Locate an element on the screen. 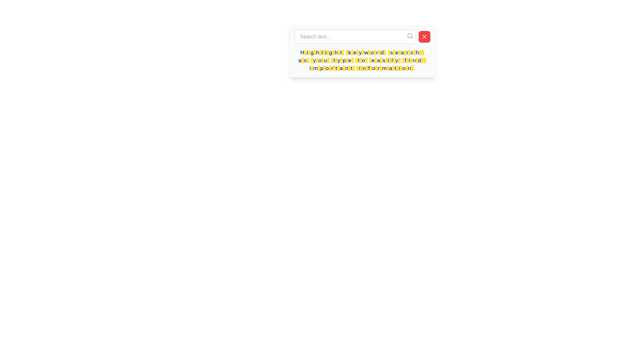 The height and width of the screenshot is (352, 627). the highlight marker, a small vertically elongated oval badge with a yellow background and black border, located centrally in the text box is located at coordinates (386, 60).